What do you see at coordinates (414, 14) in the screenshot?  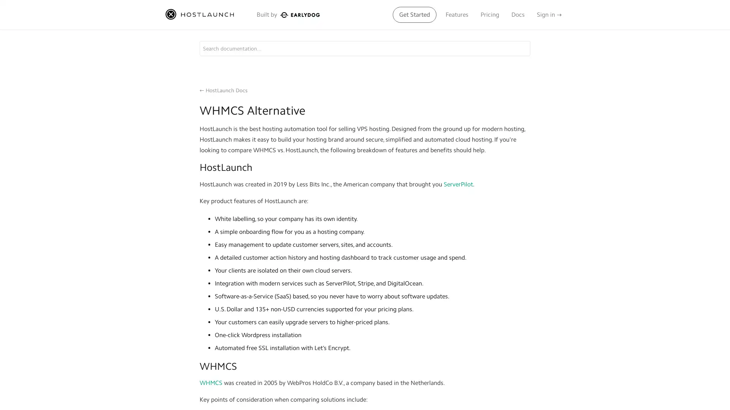 I see `Get Started` at bounding box center [414, 14].